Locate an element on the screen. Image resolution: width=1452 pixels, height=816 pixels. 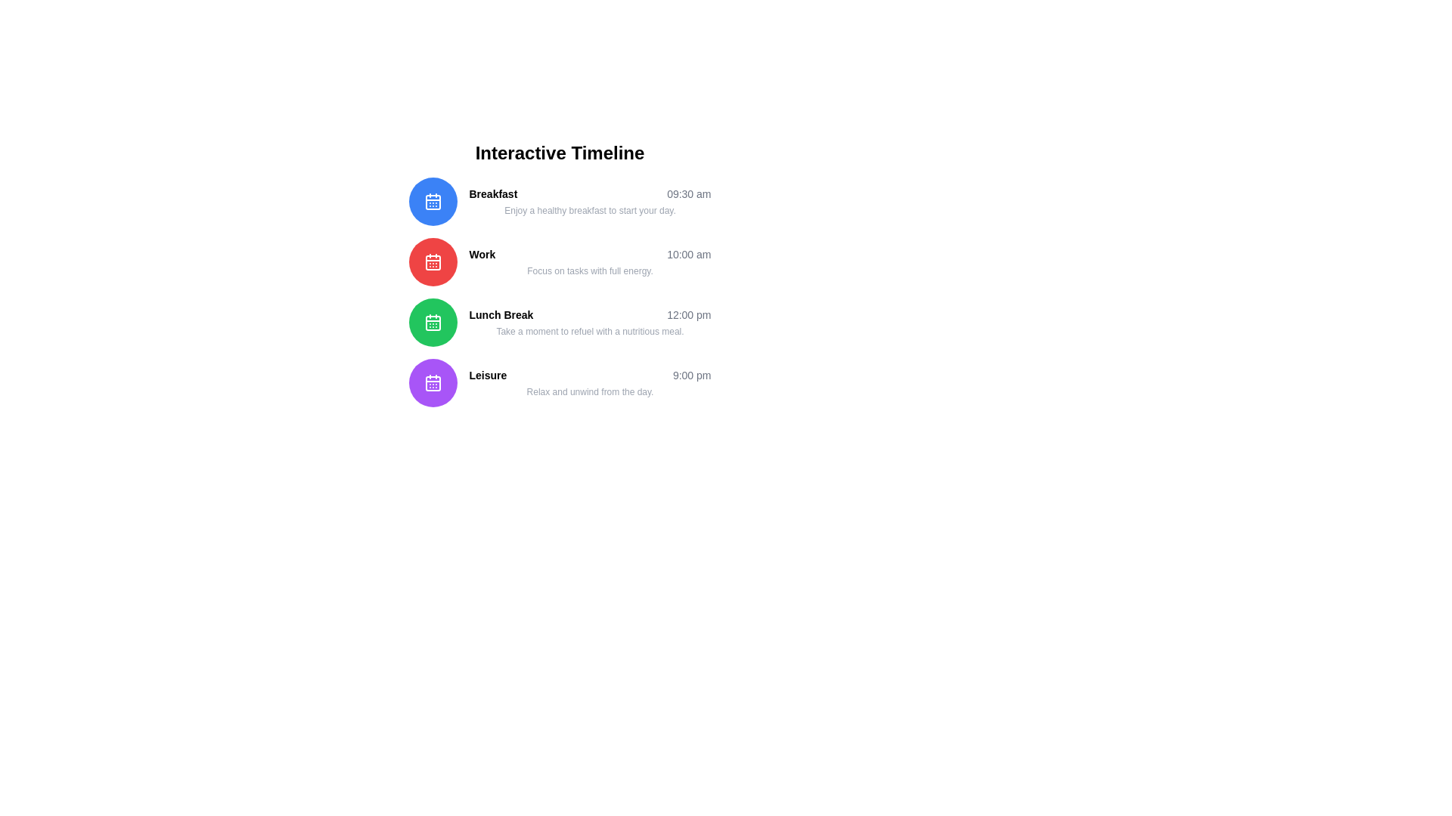
the 'Lunch Break' static text label in the timeline that is the third entry, following 'Breakfast' and 'Work' and preceding 'Leisure' is located at coordinates (501, 314).